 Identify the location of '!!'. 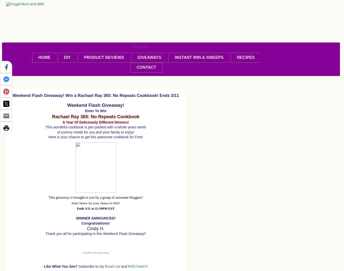
(146, 266).